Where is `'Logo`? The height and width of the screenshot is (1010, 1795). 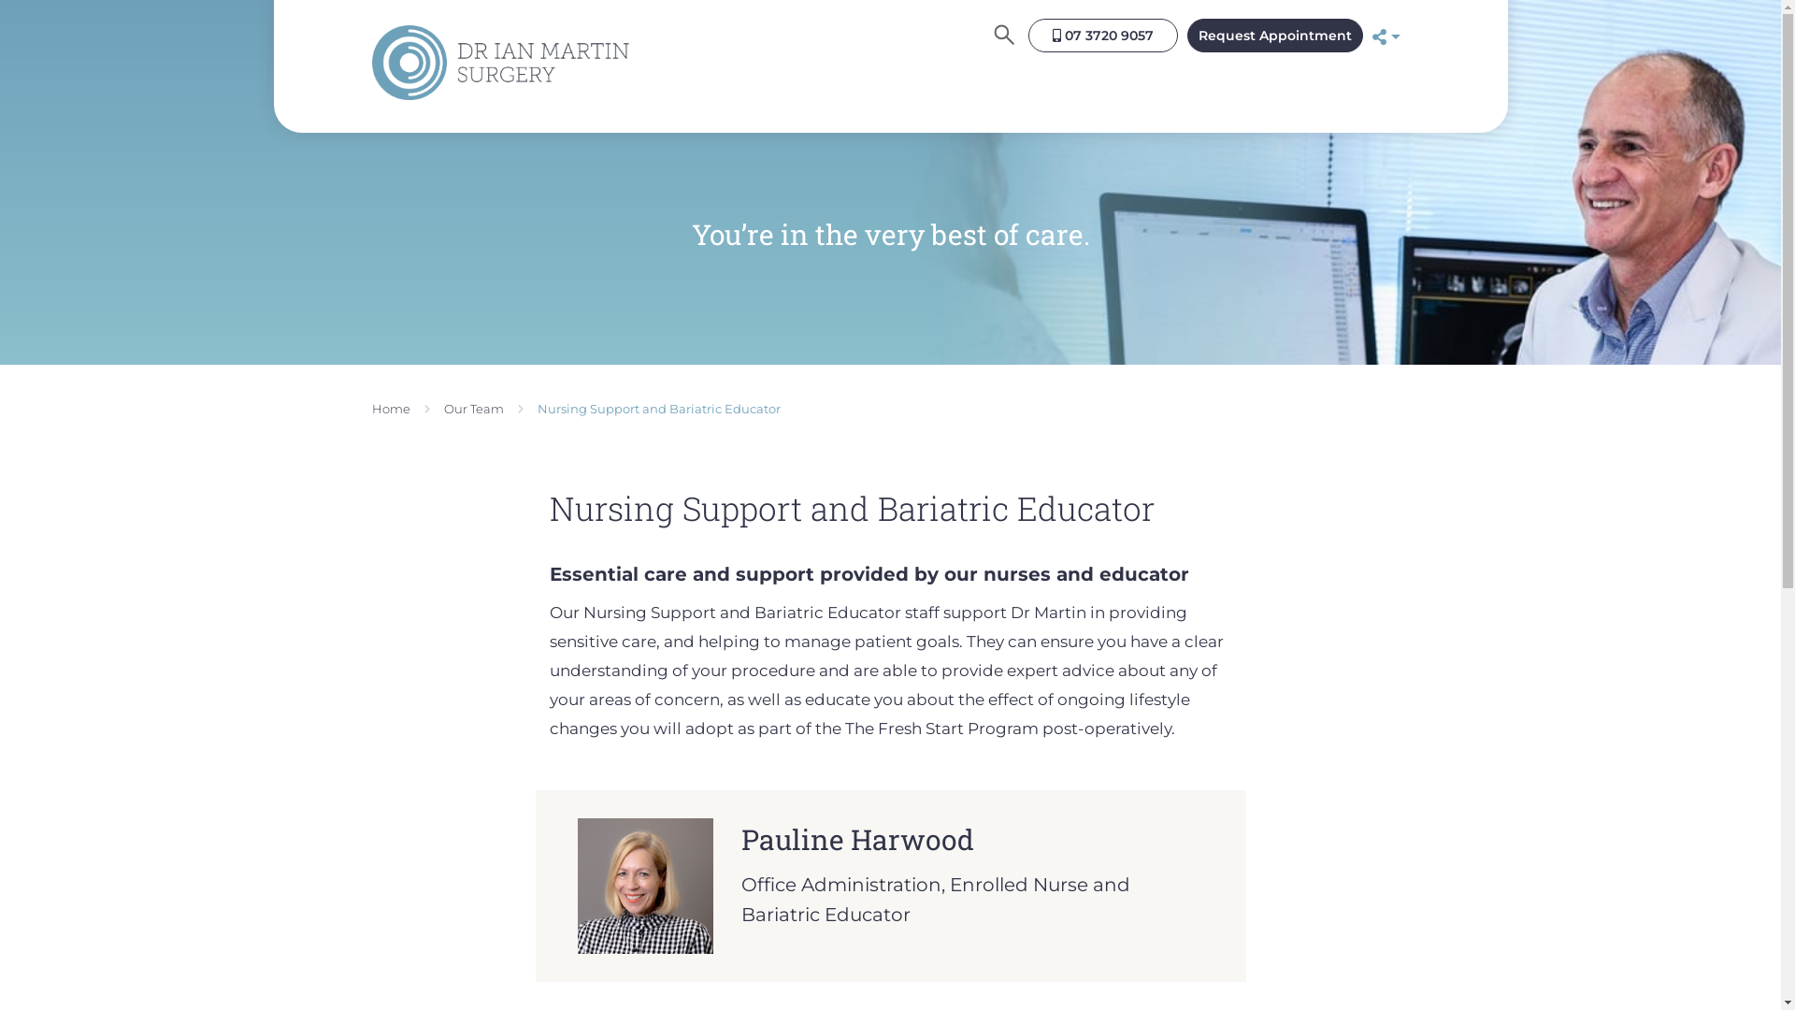 'Logo is located at coordinates (500, 65).